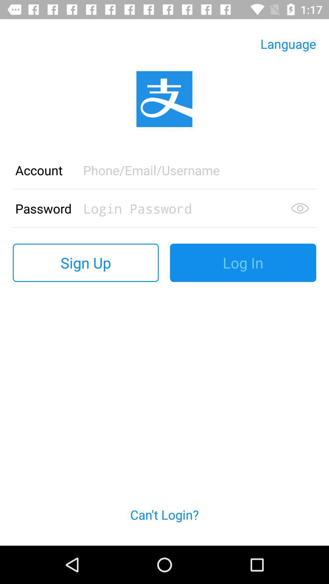  What do you see at coordinates (300, 208) in the screenshot?
I see `the item above the log in icon` at bounding box center [300, 208].